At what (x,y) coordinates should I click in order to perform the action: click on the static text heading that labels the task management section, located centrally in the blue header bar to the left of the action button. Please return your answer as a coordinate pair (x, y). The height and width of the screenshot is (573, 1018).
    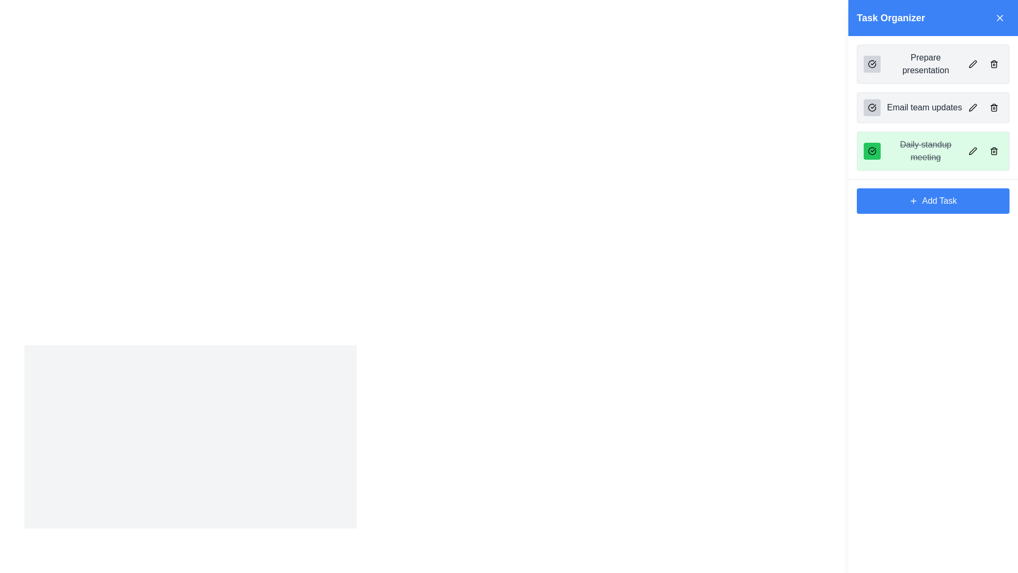
    Looking at the image, I should click on (891, 18).